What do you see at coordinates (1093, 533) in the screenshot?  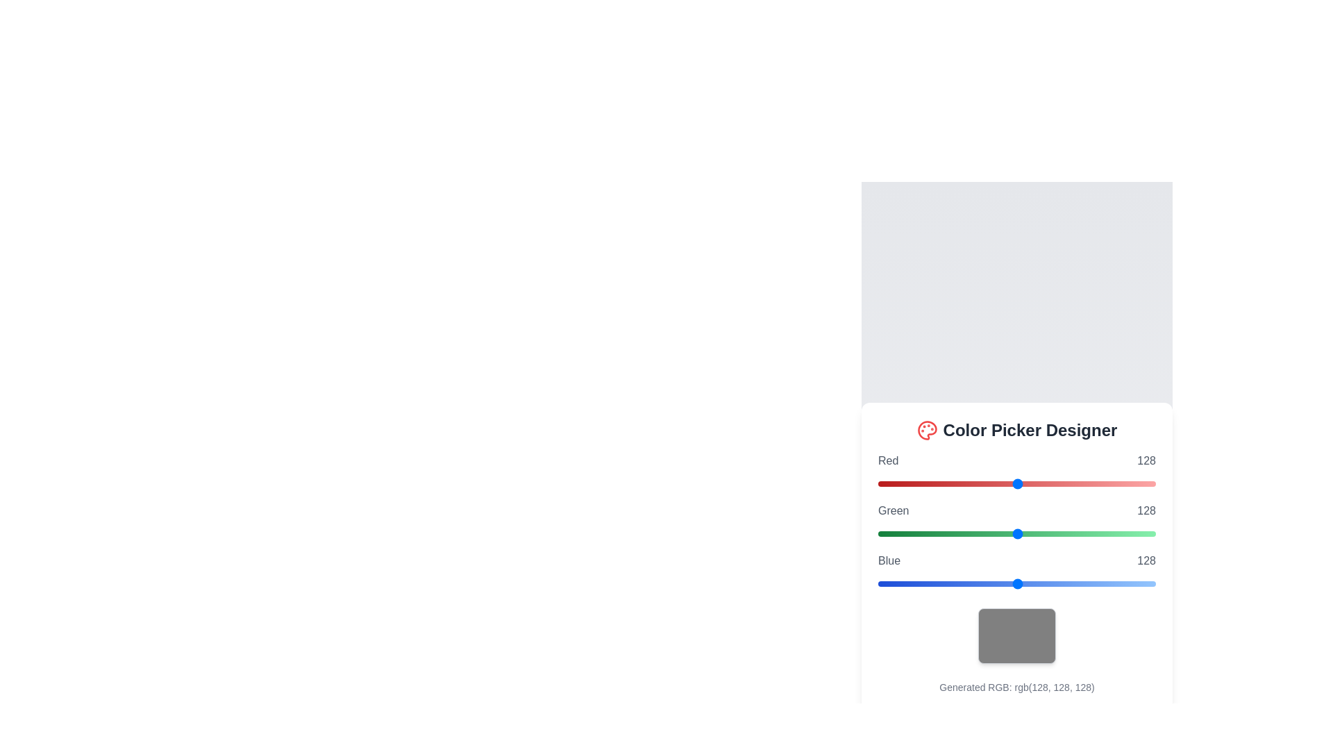 I see `the green slider to set its value to 198` at bounding box center [1093, 533].